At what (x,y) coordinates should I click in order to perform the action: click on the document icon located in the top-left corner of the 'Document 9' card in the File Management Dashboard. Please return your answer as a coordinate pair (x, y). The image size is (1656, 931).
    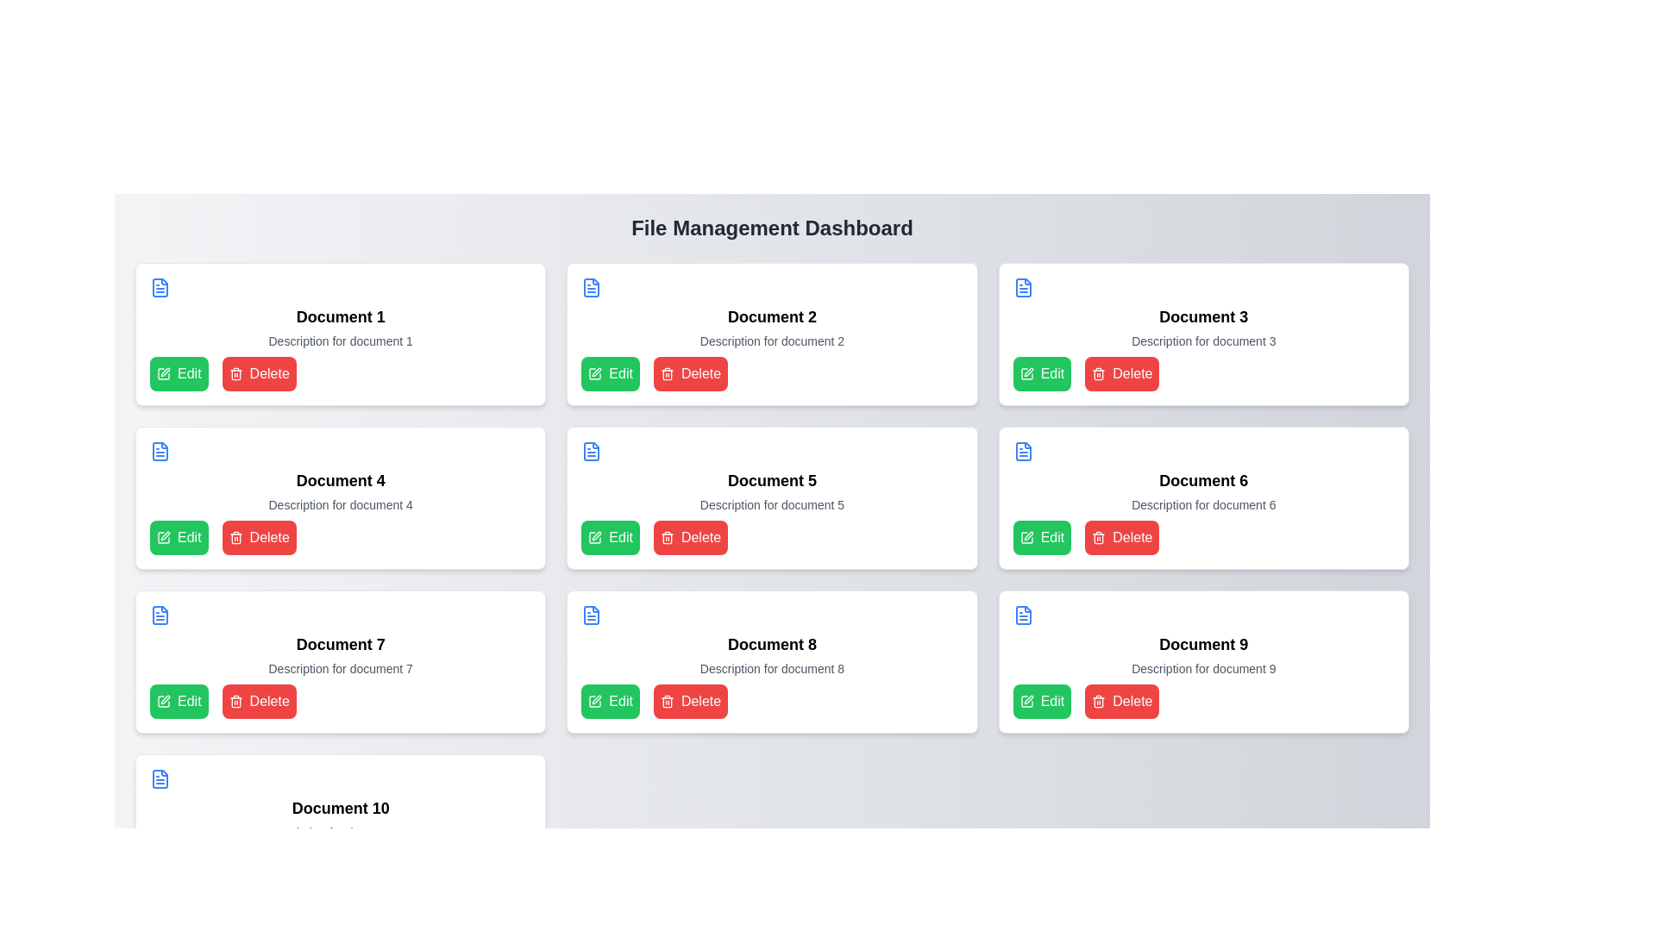
    Looking at the image, I should click on (1023, 614).